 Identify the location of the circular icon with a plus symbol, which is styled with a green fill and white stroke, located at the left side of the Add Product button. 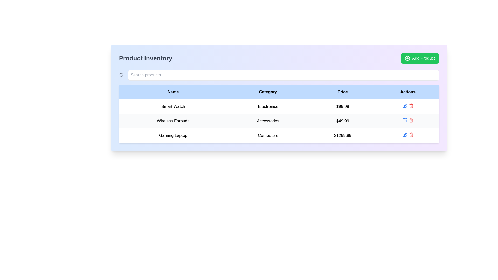
(407, 58).